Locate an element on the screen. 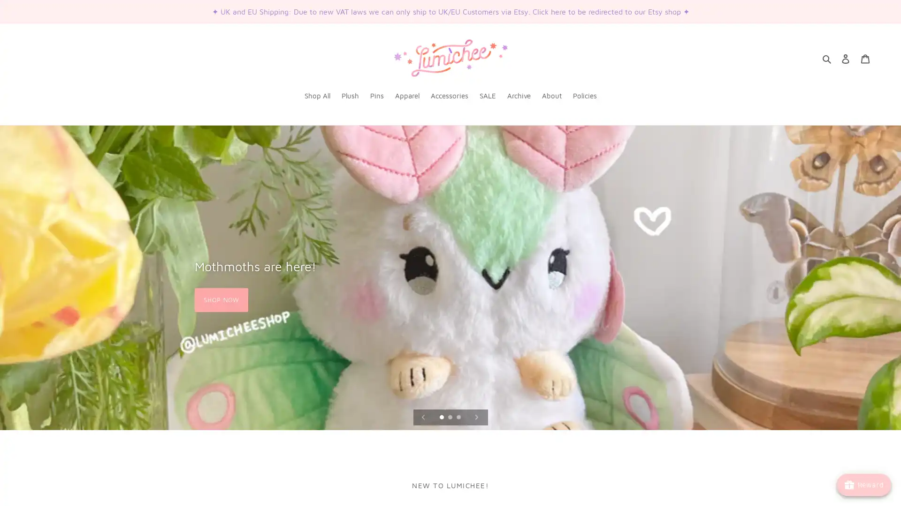 Image resolution: width=901 pixels, height=506 pixels. Previous slide is located at coordinates (423, 417).